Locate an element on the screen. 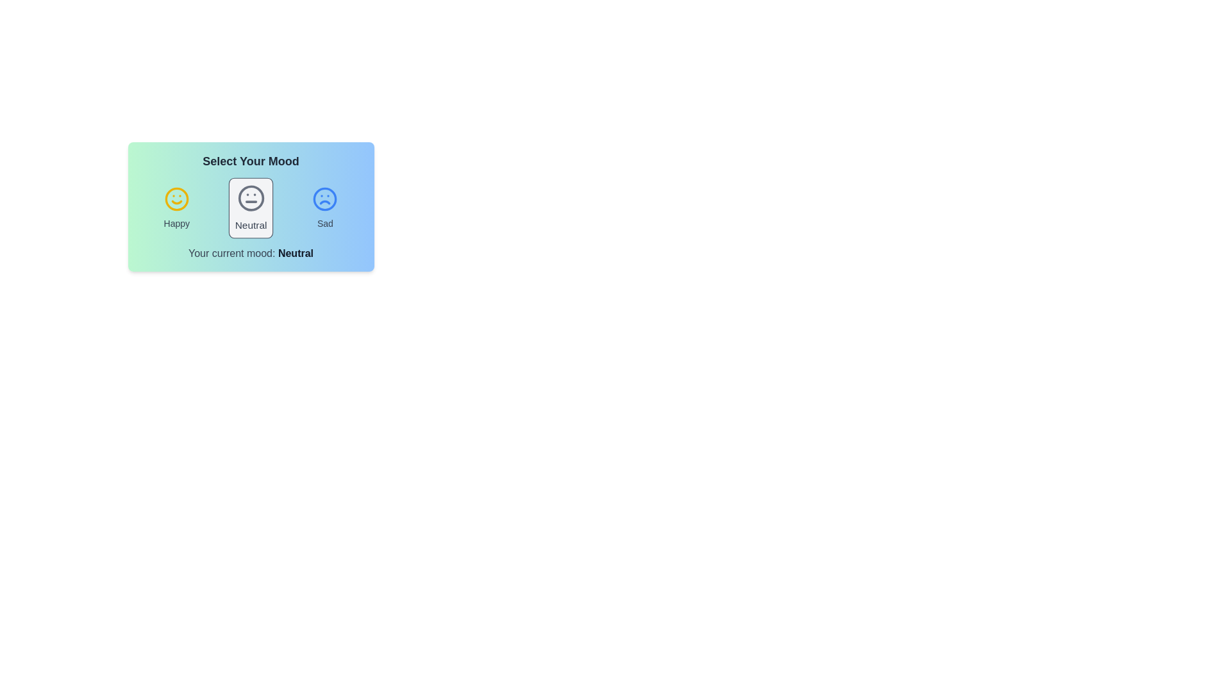 The image size is (1231, 692). the text 'Your current mood: Neutral' in the component is located at coordinates (251, 254).